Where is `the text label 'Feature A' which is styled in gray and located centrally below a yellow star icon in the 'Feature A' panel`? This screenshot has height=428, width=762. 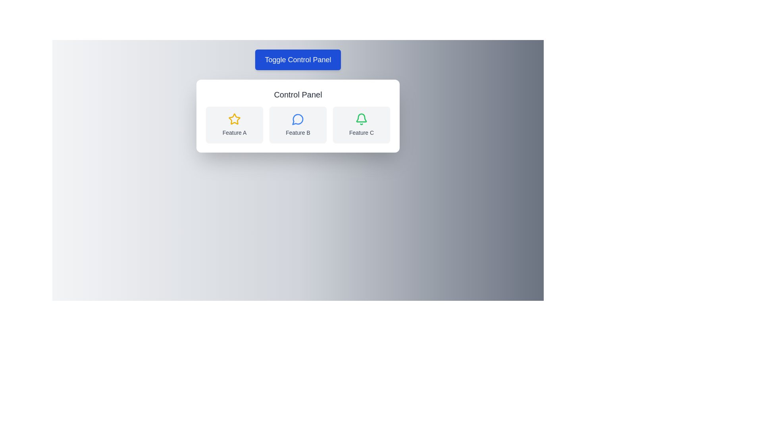 the text label 'Feature A' which is styled in gray and located centrally below a yellow star icon in the 'Feature A' panel is located at coordinates (234, 132).